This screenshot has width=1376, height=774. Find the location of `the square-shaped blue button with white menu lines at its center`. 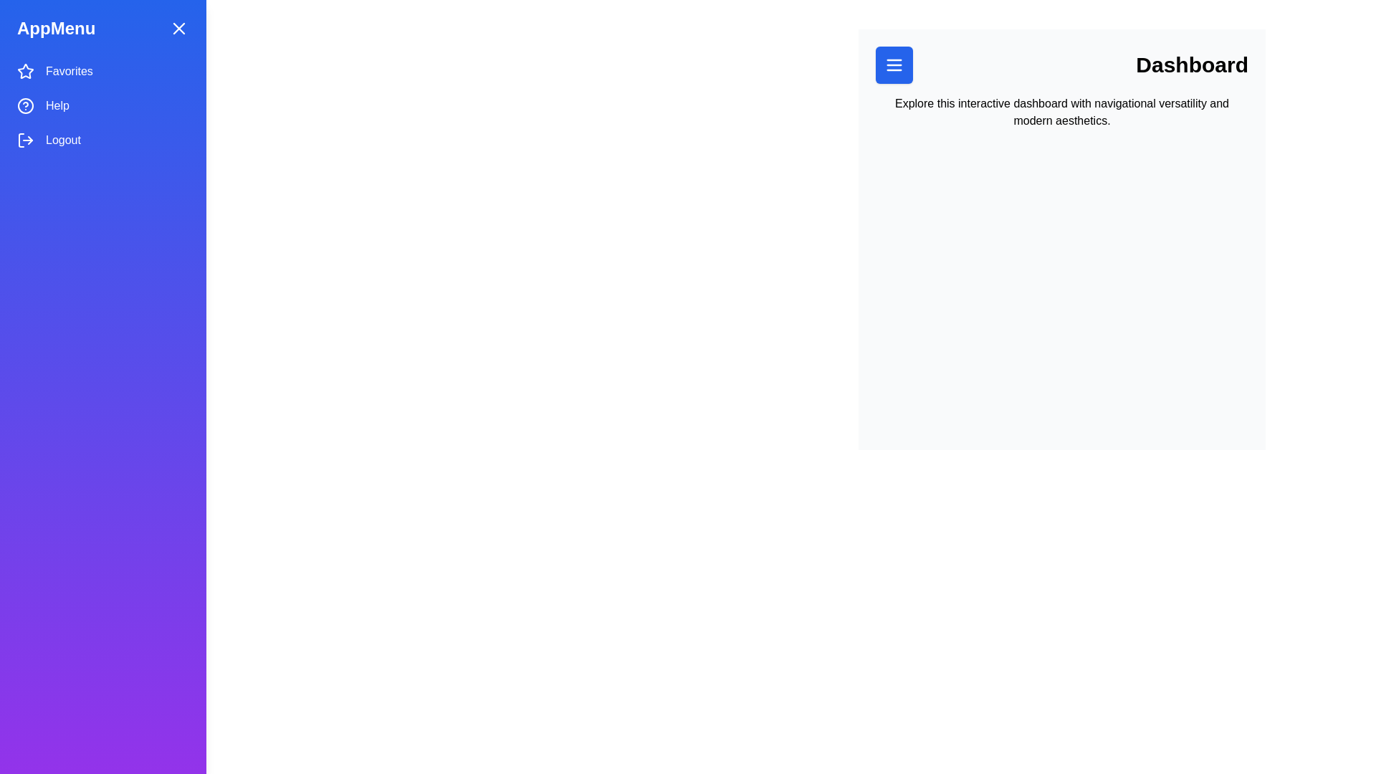

the square-shaped blue button with white menu lines at its center is located at coordinates (894, 65).